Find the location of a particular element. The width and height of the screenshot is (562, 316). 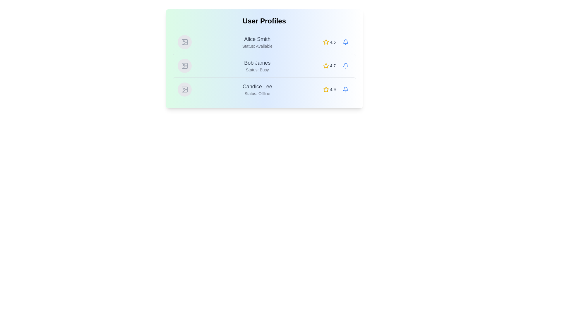

notification bell for the user Bob James is located at coordinates (345, 66).